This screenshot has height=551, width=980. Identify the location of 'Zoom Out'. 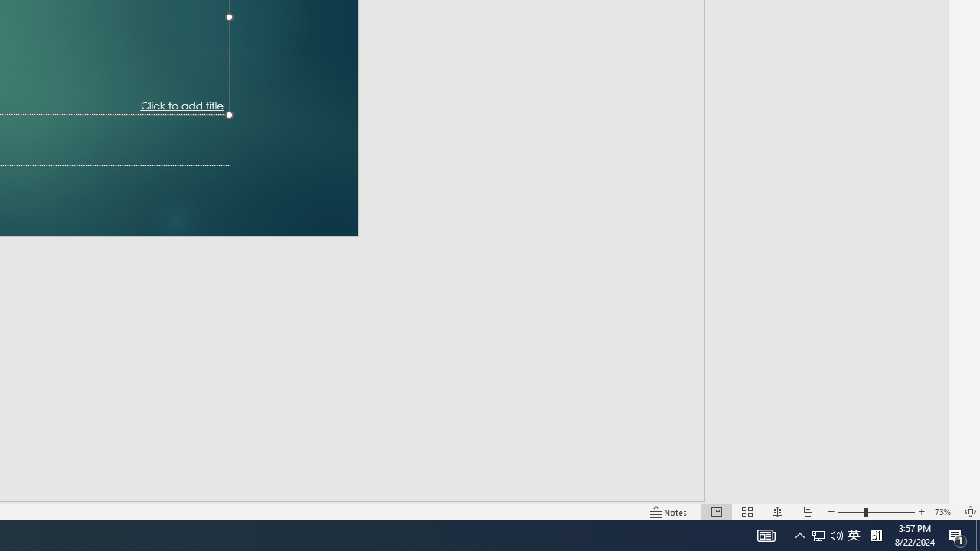
(817, 490).